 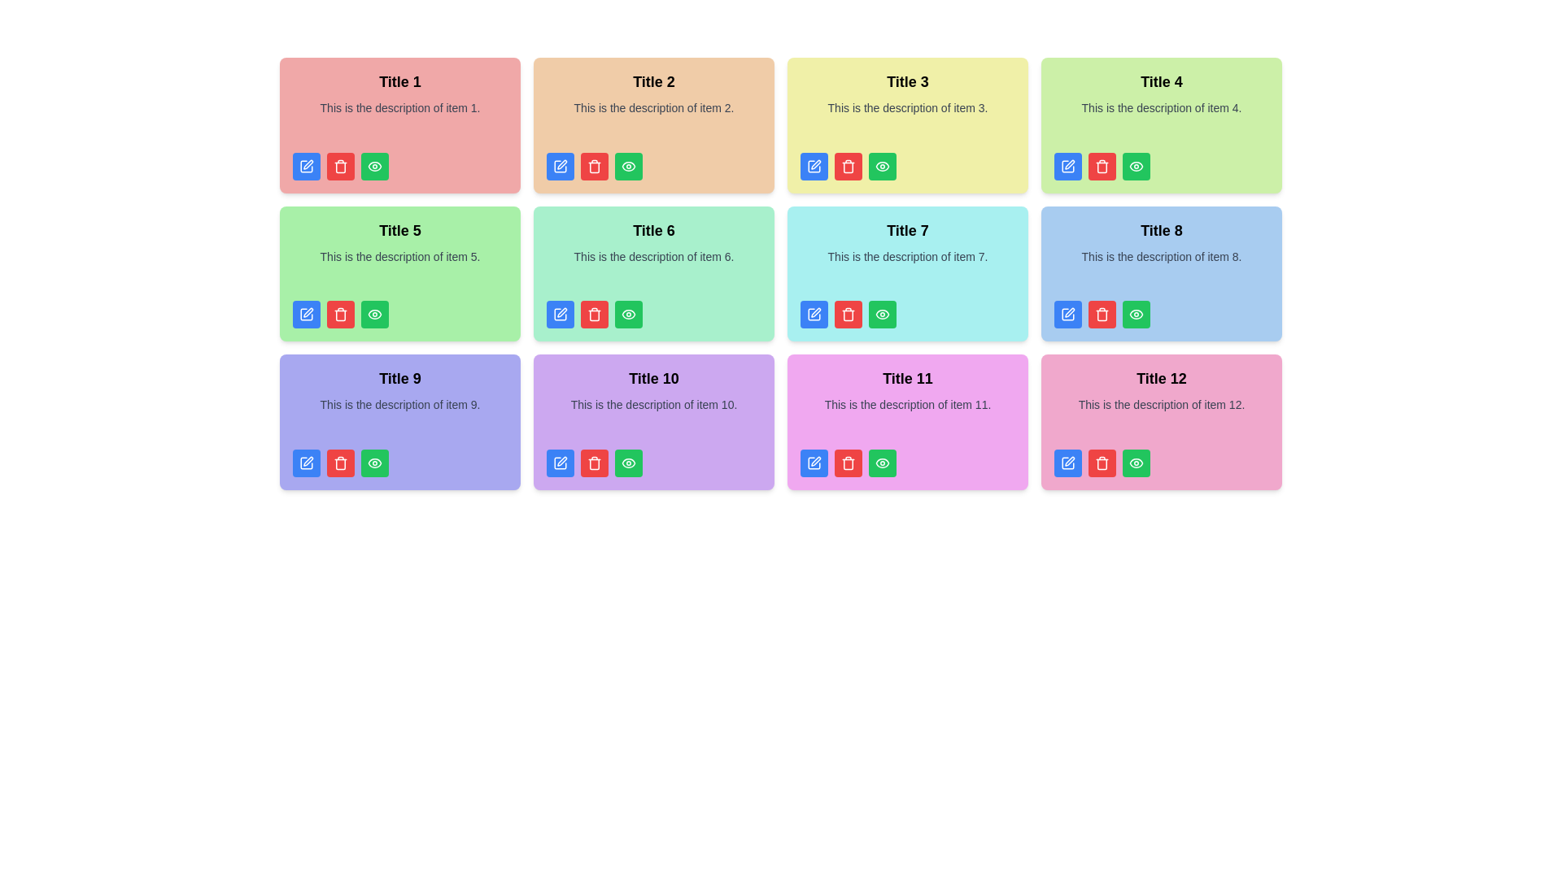 What do you see at coordinates (593, 314) in the screenshot?
I see `the red trash can icon button, which is styled with white lines and positioned inside a red circular button` at bounding box center [593, 314].